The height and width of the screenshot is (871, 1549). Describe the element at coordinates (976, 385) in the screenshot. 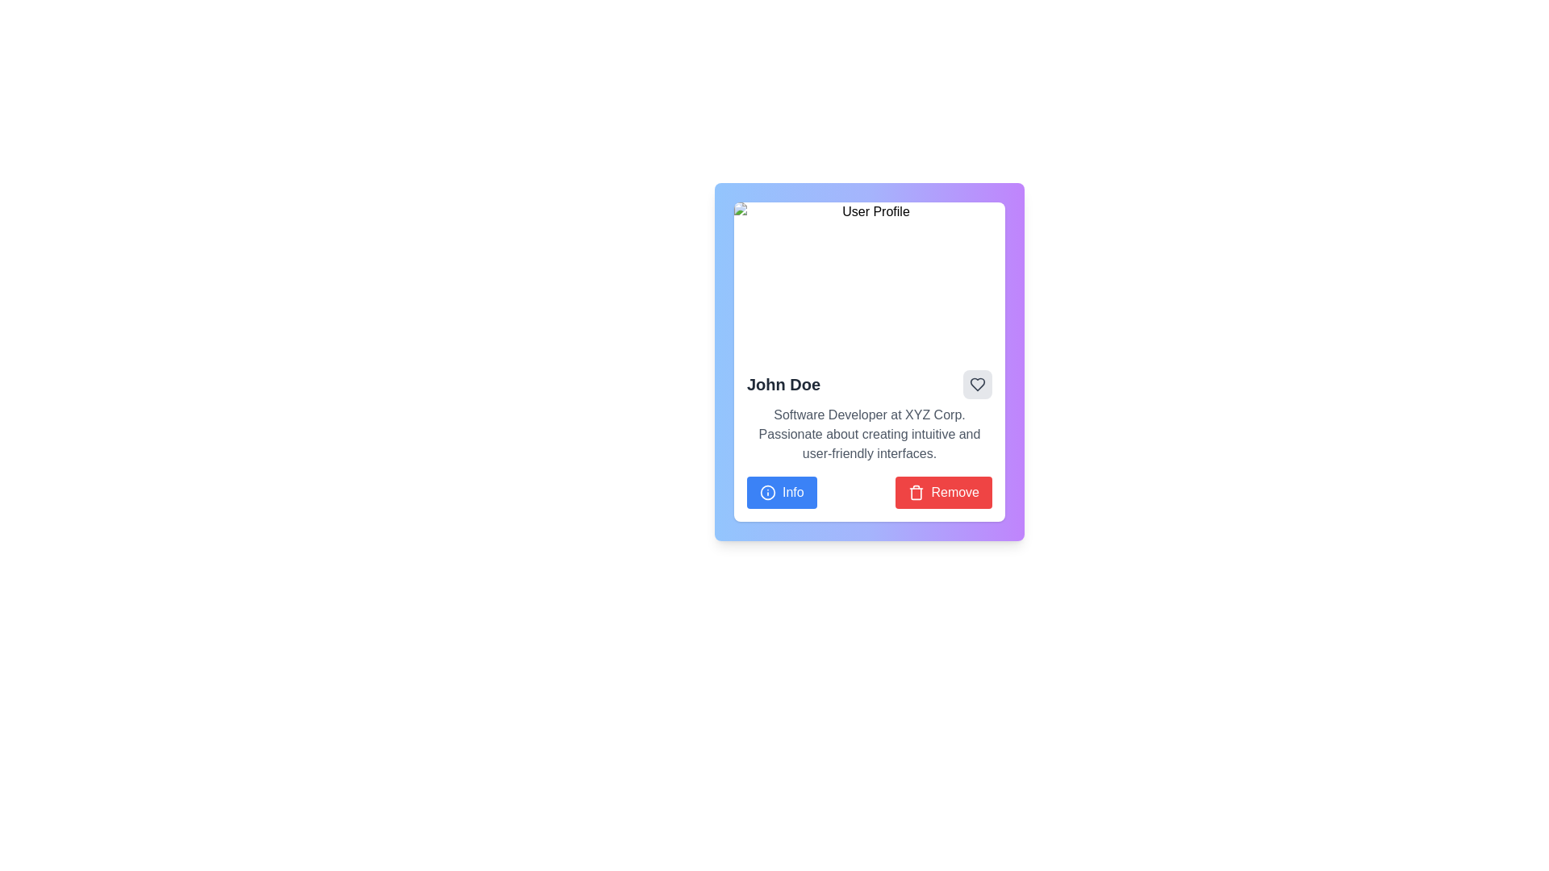

I see `the heart-shaped icon in John Doe's profile card` at that location.